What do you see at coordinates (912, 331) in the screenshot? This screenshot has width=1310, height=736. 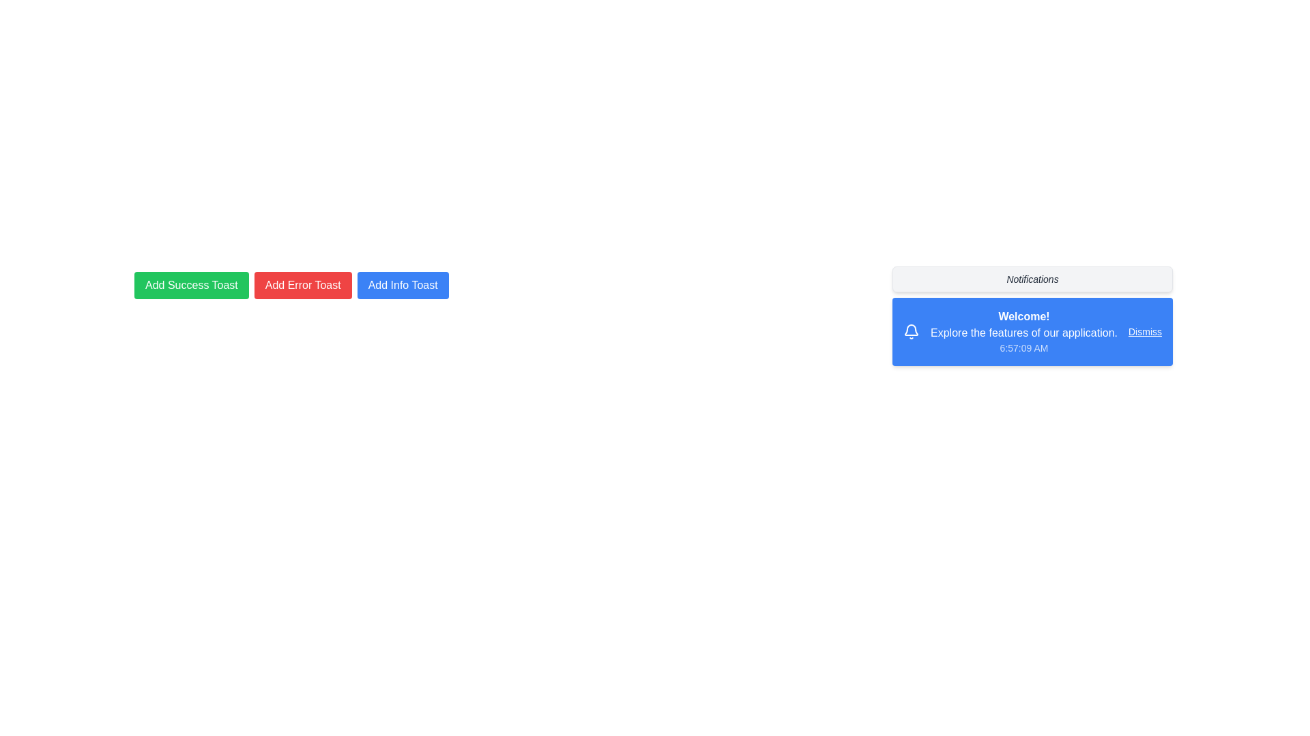 I see `the notification icon that indicates the presence of a message or alert, located to the left of the title 'Welcome!' in the notification card` at bounding box center [912, 331].